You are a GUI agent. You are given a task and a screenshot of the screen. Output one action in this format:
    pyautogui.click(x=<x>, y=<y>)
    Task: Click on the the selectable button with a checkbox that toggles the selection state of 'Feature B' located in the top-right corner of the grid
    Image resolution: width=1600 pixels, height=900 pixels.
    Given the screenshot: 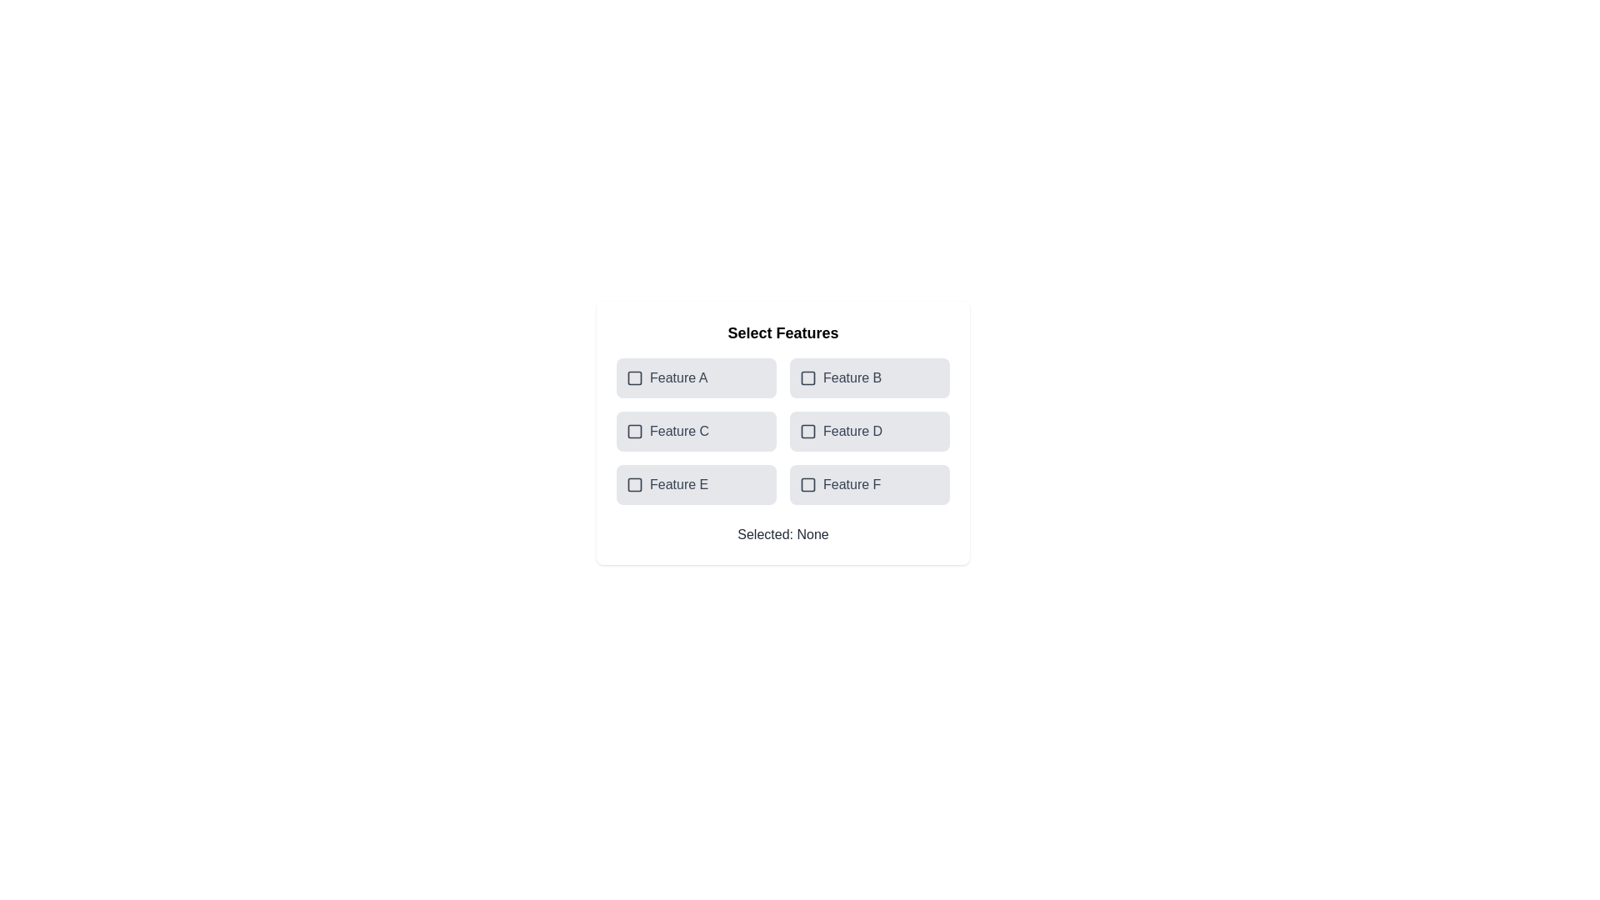 What is the action you would take?
    pyautogui.click(x=868, y=378)
    